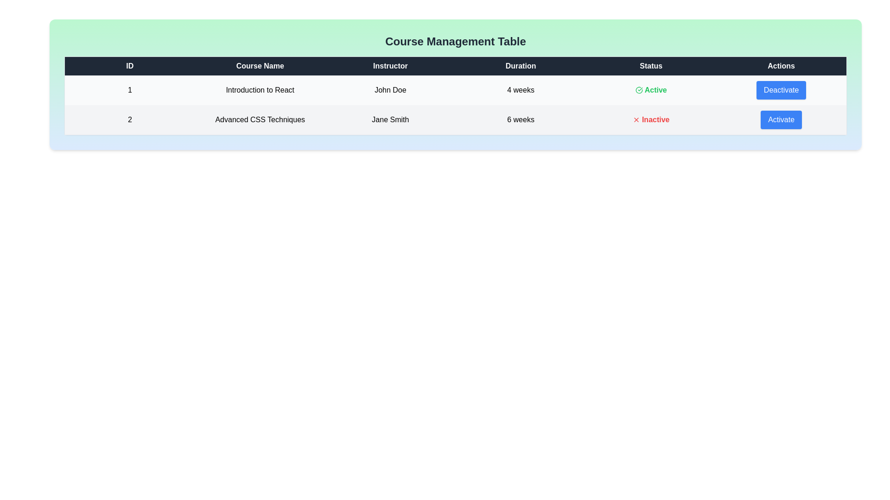  Describe the element at coordinates (781, 119) in the screenshot. I see `the 'Activate' button with a blue background located in the 'Actions' column of the 'Advanced CSS Techniques' row` at that location.